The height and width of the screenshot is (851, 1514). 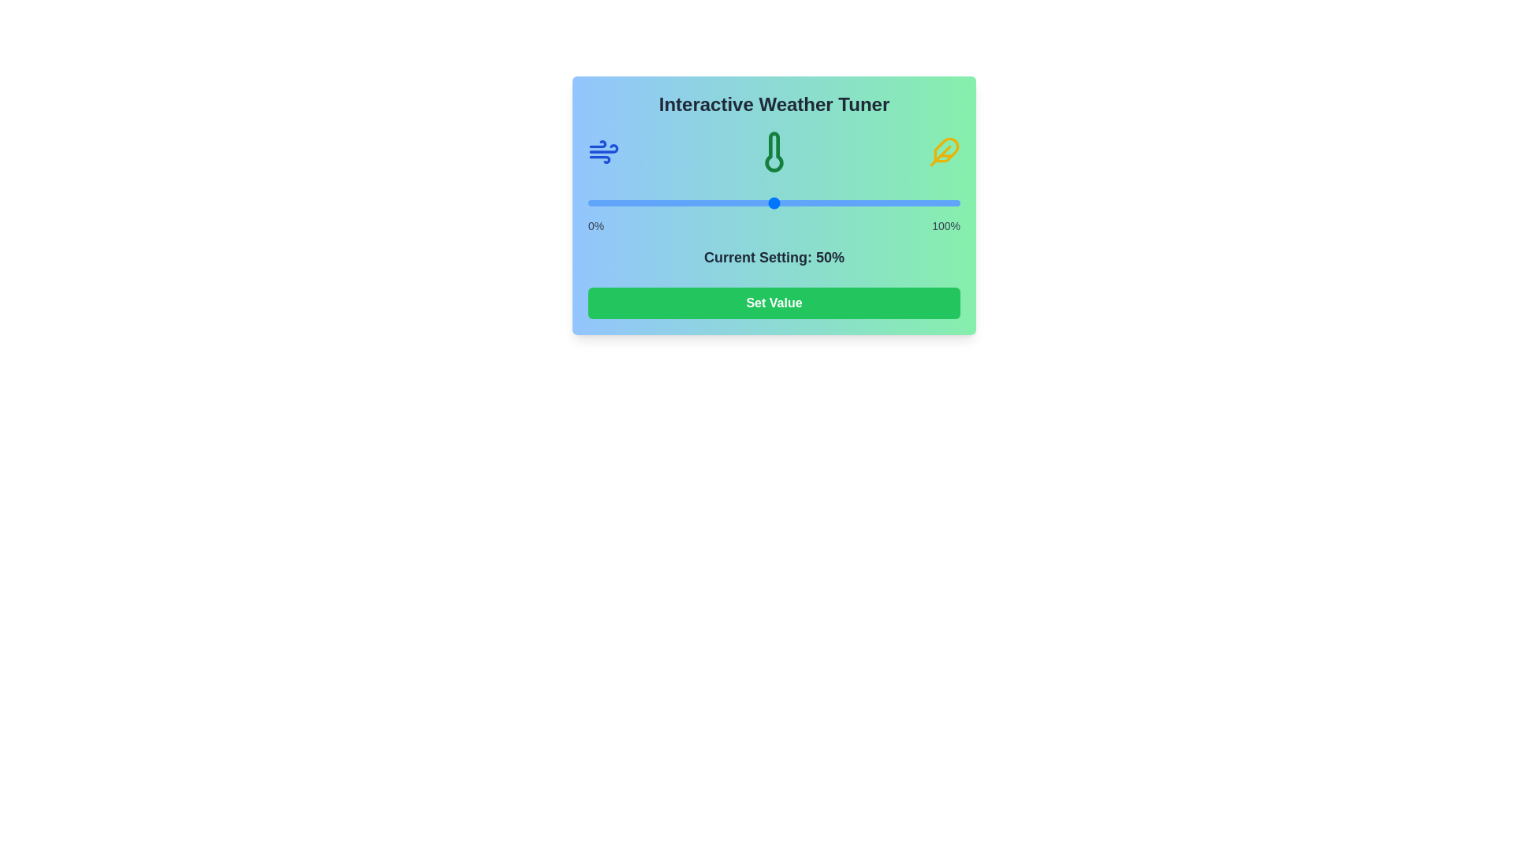 What do you see at coordinates (651, 203) in the screenshot?
I see `the slider to set its value to 17%` at bounding box center [651, 203].